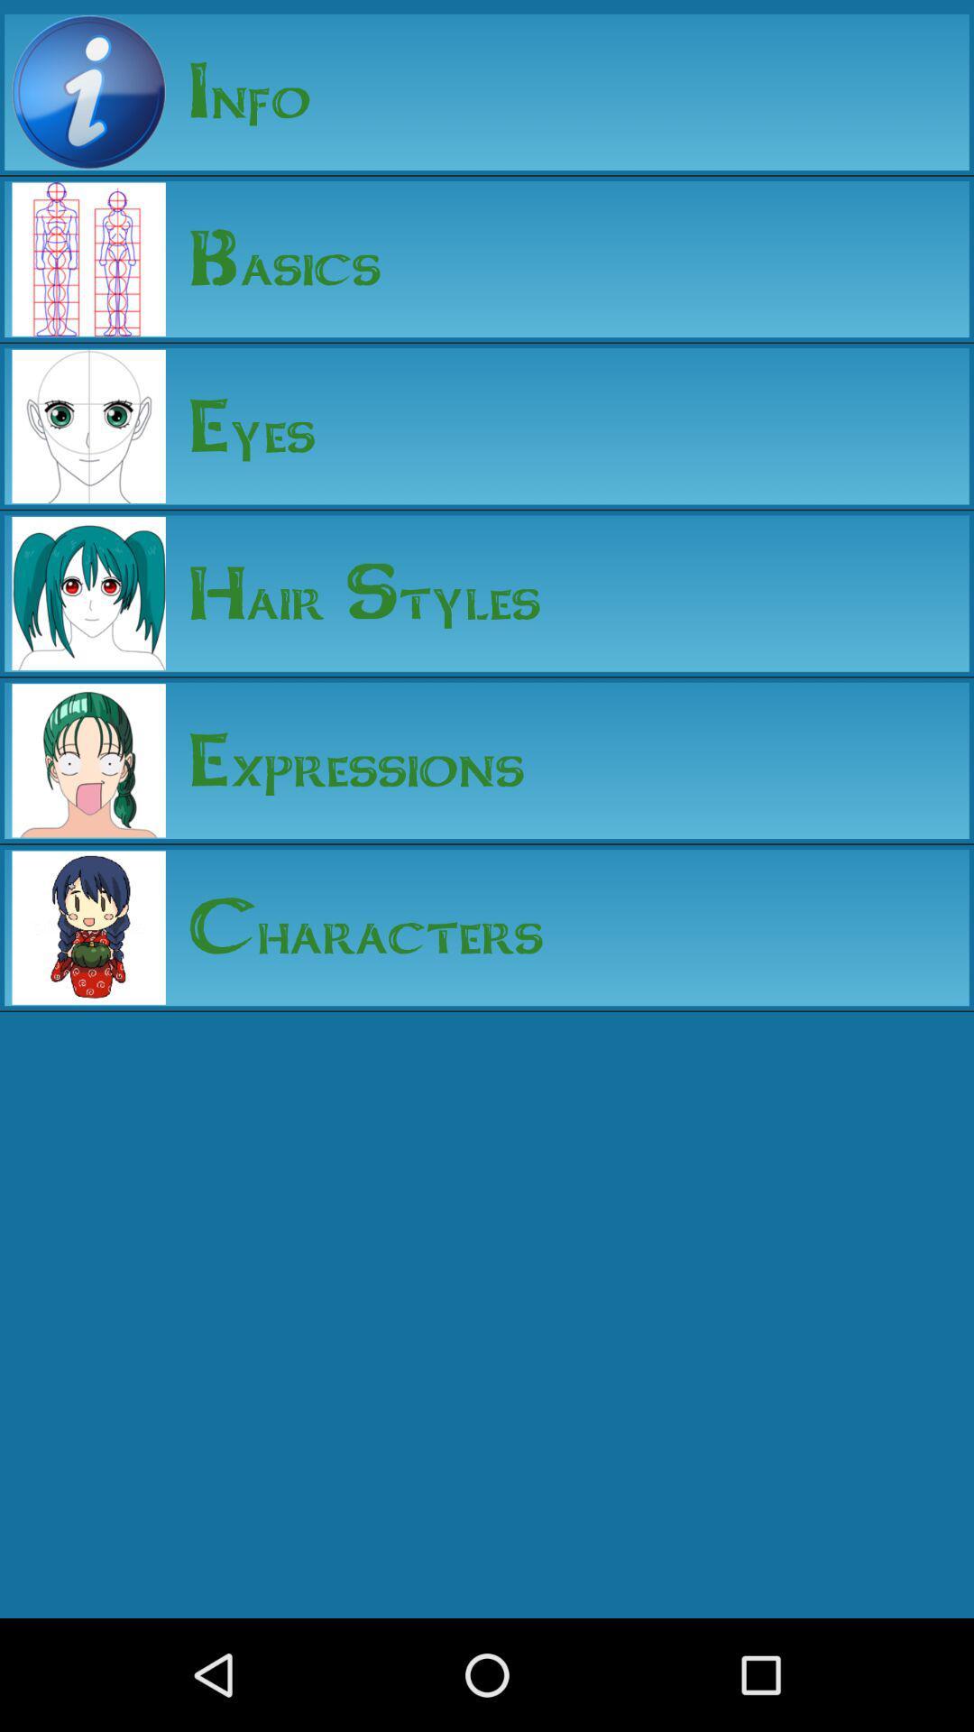 The height and width of the screenshot is (1732, 974). What do you see at coordinates (353, 593) in the screenshot?
I see `the hair styles app` at bounding box center [353, 593].